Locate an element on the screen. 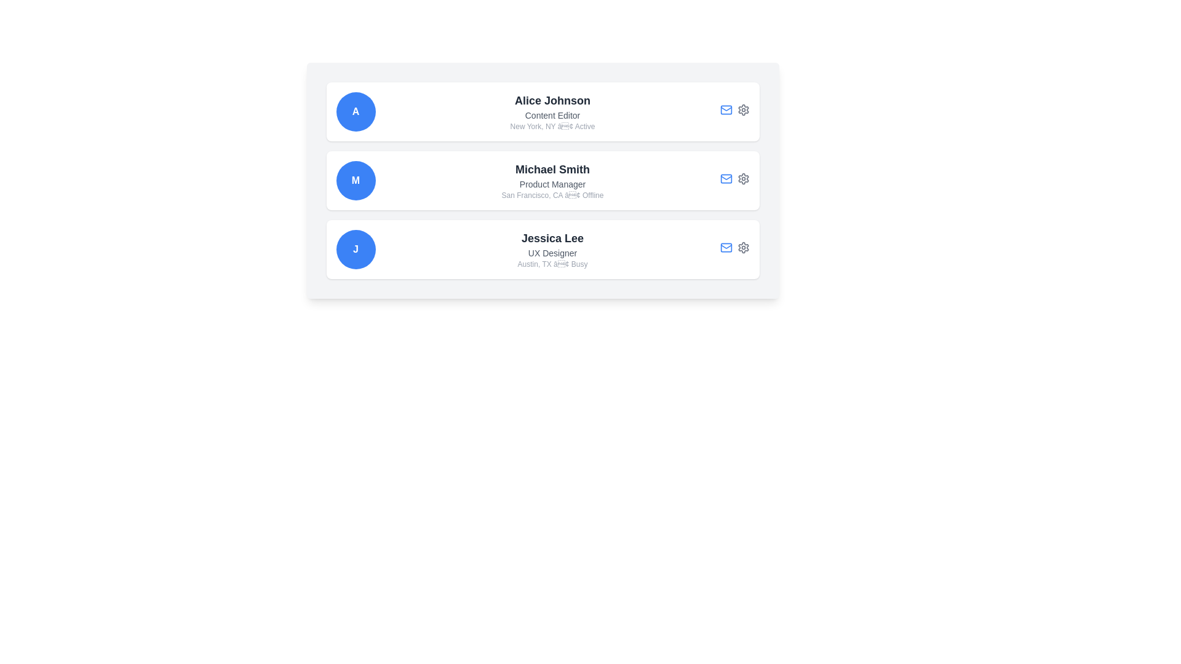  the text display element that shows the individual's name, position, location, and current status, located in the center area of the card layout to the right of the circular icon with the letter 'A' is located at coordinates (552, 111).